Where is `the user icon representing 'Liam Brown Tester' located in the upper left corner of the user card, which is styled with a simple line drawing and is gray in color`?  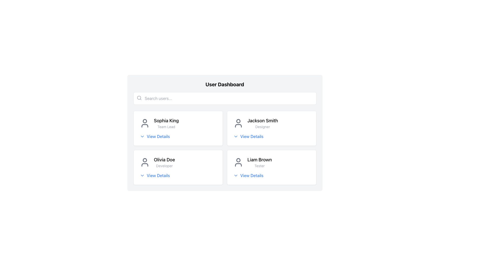 the user icon representing 'Liam Brown Tester' located in the upper left corner of the user card, which is styled with a simple line drawing and is gray in color is located at coordinates (238, 162).